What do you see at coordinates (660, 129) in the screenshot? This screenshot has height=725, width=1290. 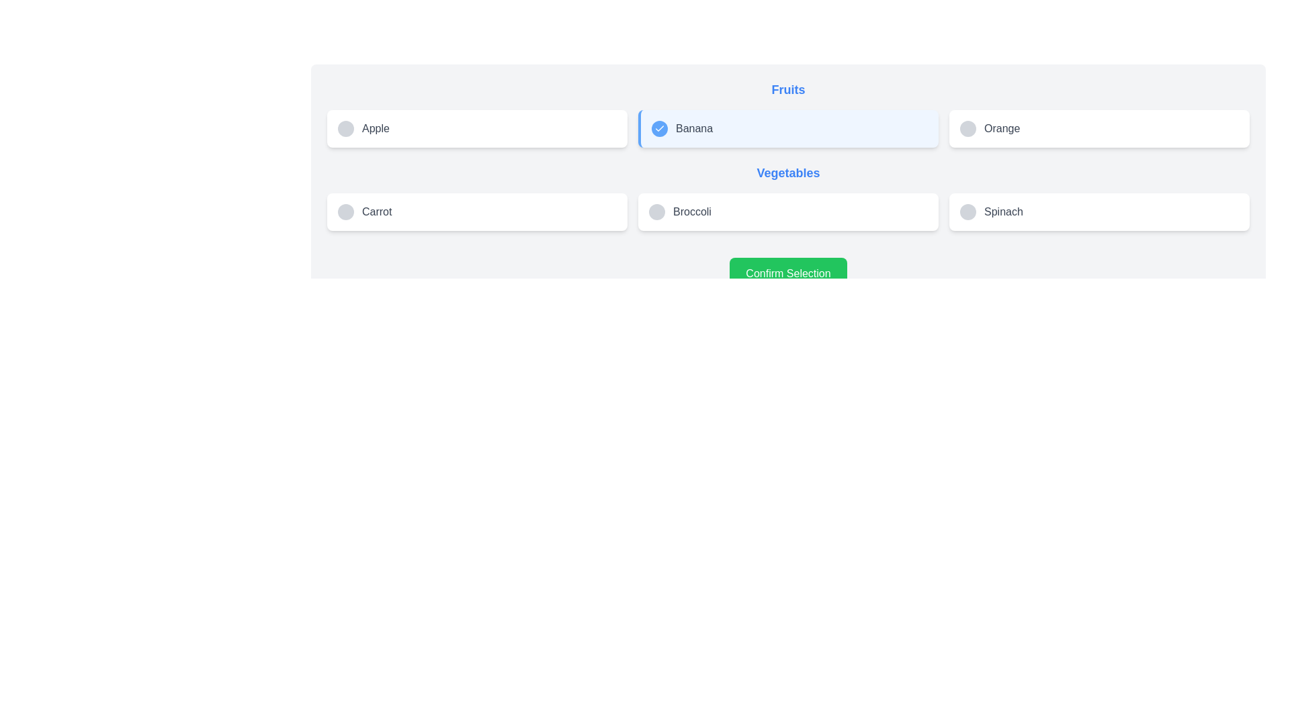 I see `the state change of the checkmark SVG icon located within the 'Banana' button in the 'Fruits' category, which is styled in a circular design and has a blue background` at bounding box center [660, 129].